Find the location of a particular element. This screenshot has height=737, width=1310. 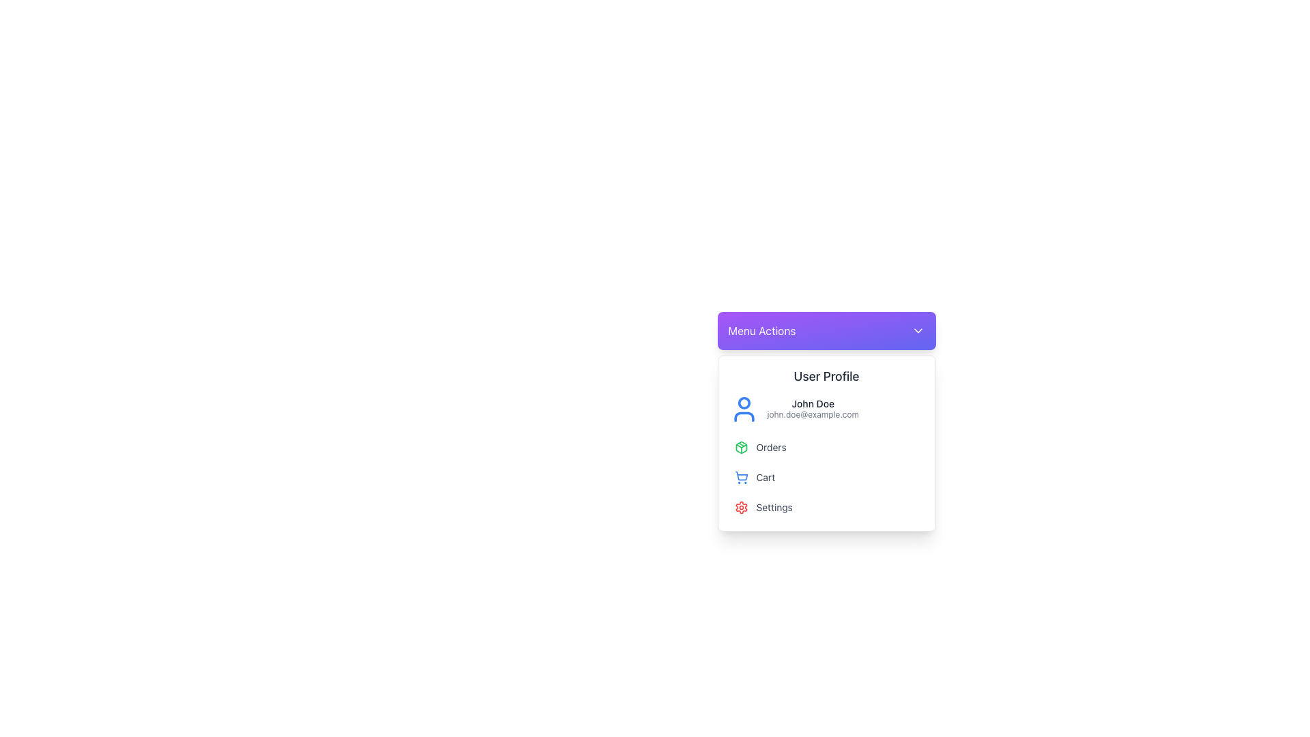

the 'Orders' text label, which is styled in a clean, sans-serif font and positioned to the right of a green box icon is located at coordinates (771, 447).